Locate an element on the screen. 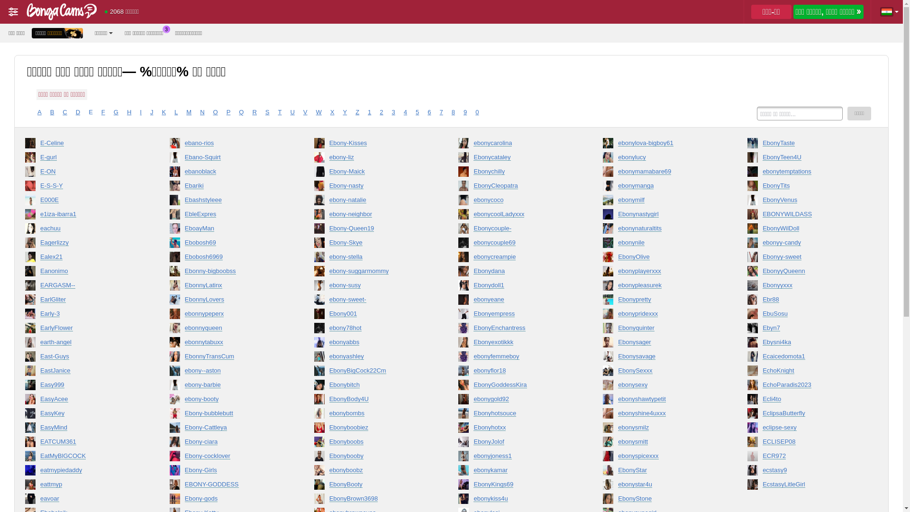 Image resolution: width=910 pixels, height=512 pixels. 'Ebonysavage' is located at coordinates (661, 358).